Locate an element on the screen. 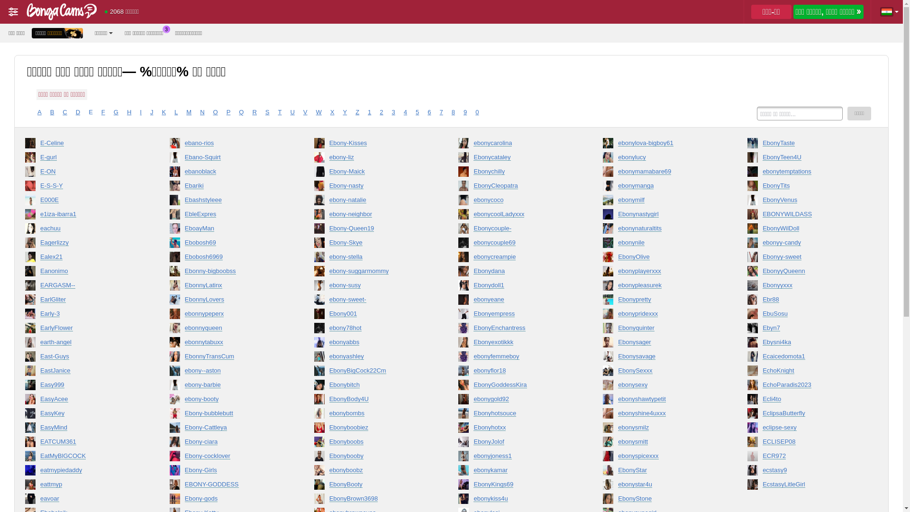 Image resolution: width=910 pixels, height=512 pixels. 'Ebonysavage' is located at coordinates (661, 358).